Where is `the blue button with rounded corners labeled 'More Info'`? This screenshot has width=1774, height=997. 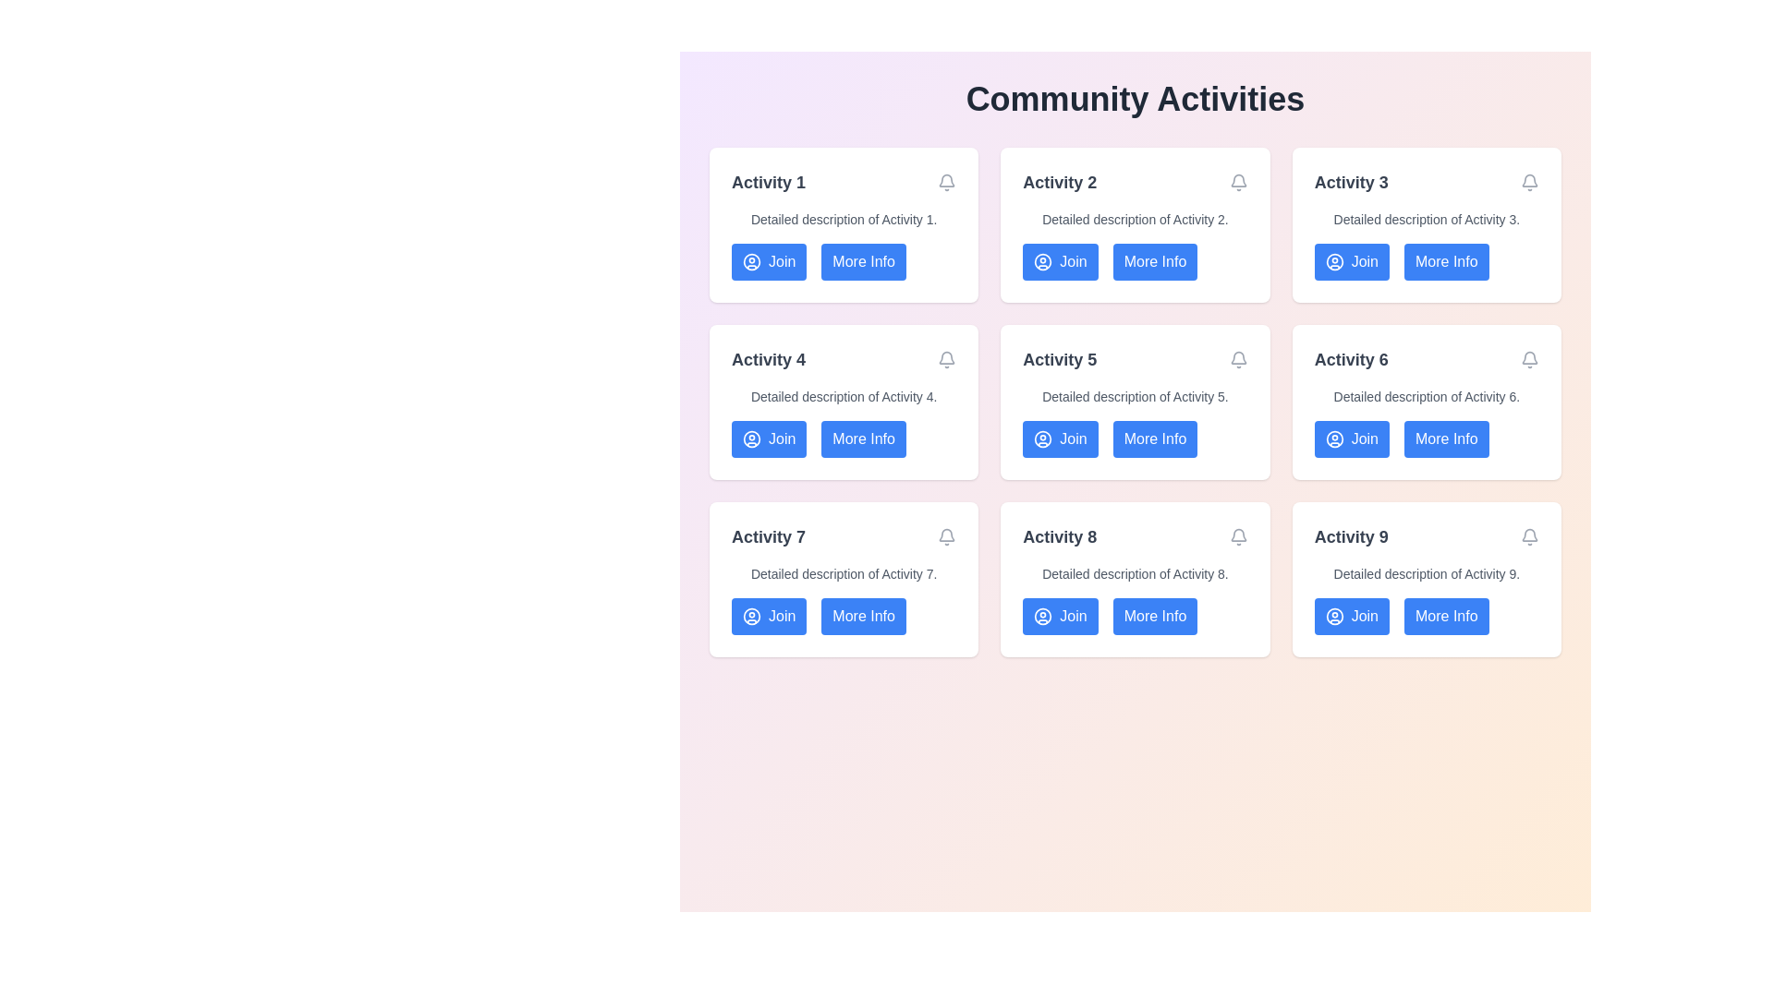
the blue button with rounded corners labeled 'More Info' is located at coordinates (1445, 616).